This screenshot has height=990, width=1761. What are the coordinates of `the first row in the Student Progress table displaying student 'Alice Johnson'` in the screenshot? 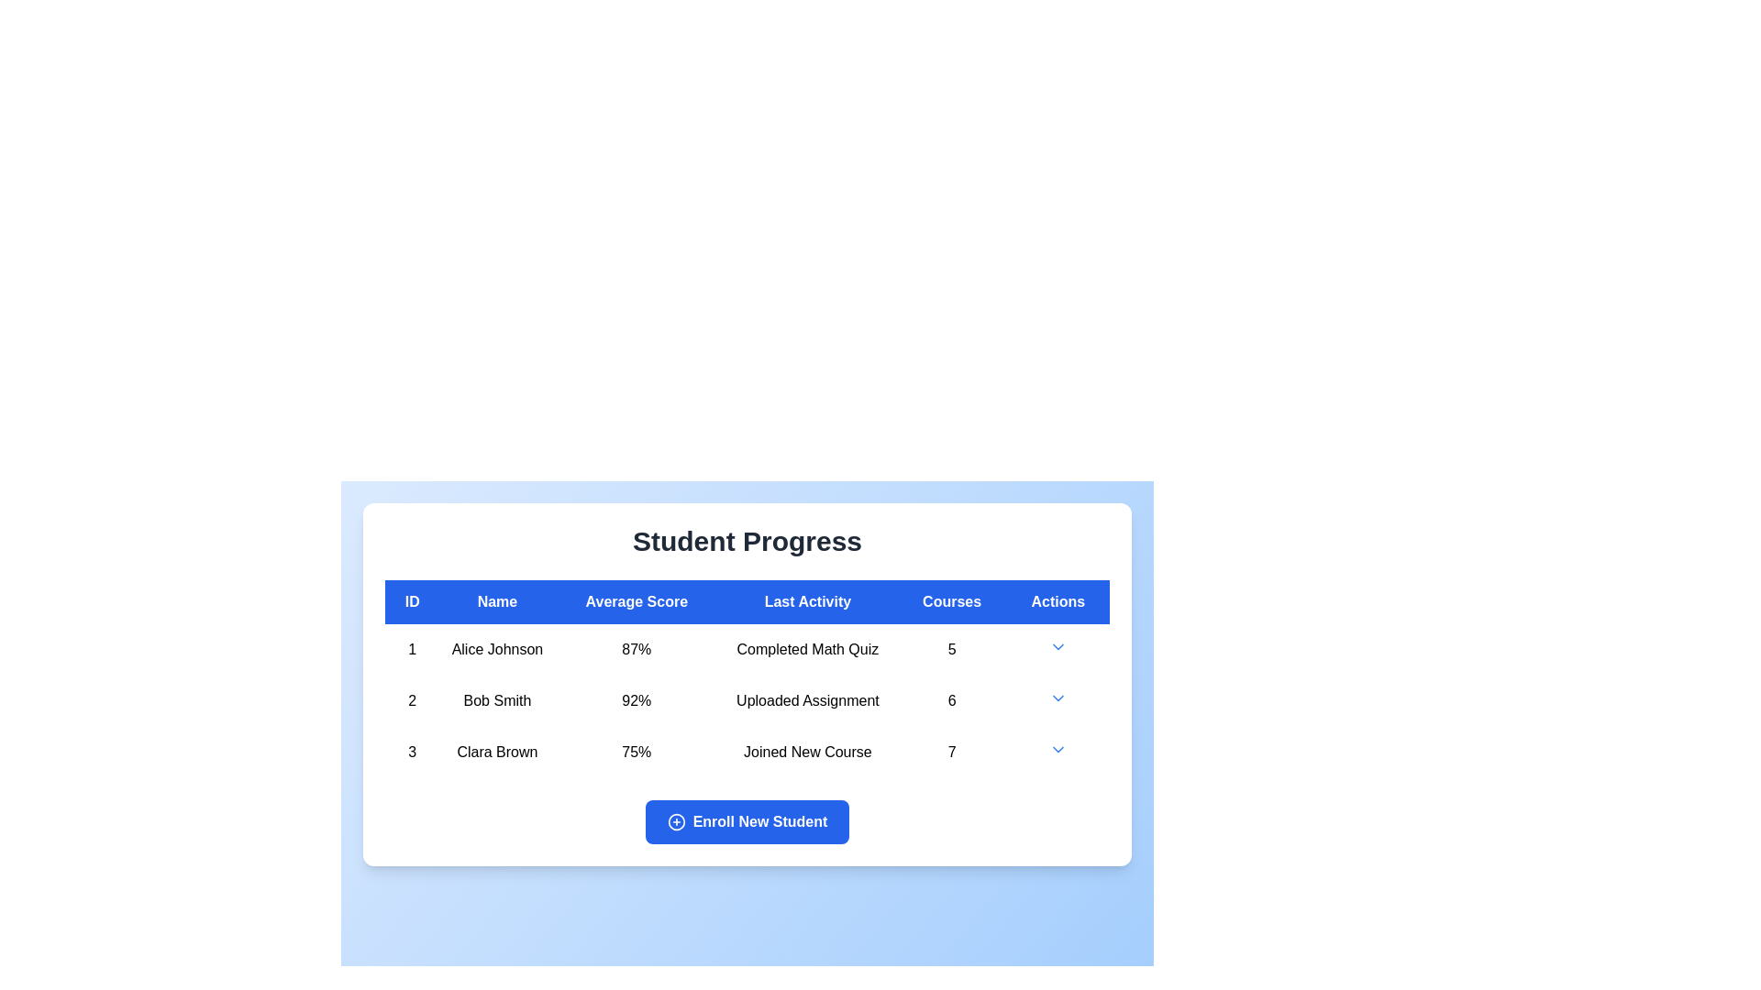 It's located at (748, 649).